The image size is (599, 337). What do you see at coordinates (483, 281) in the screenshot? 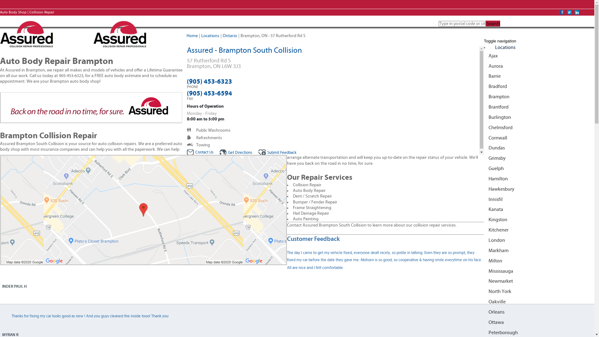
I see `'Newmarket'` at bounding box center [483, 281].